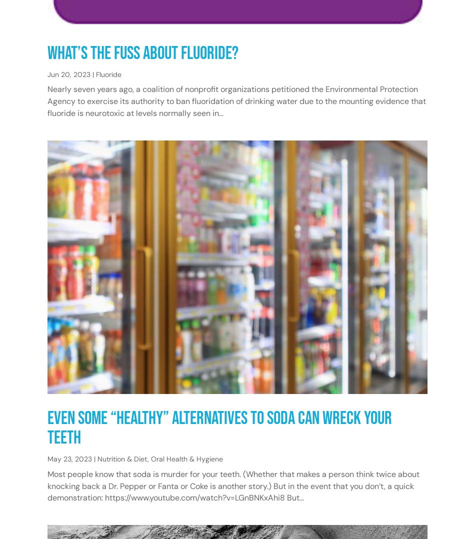  I want to click on 'Even Some “Healthy” Alternatives to Soda Can Wreck Your Teeth', so click(219, 427).